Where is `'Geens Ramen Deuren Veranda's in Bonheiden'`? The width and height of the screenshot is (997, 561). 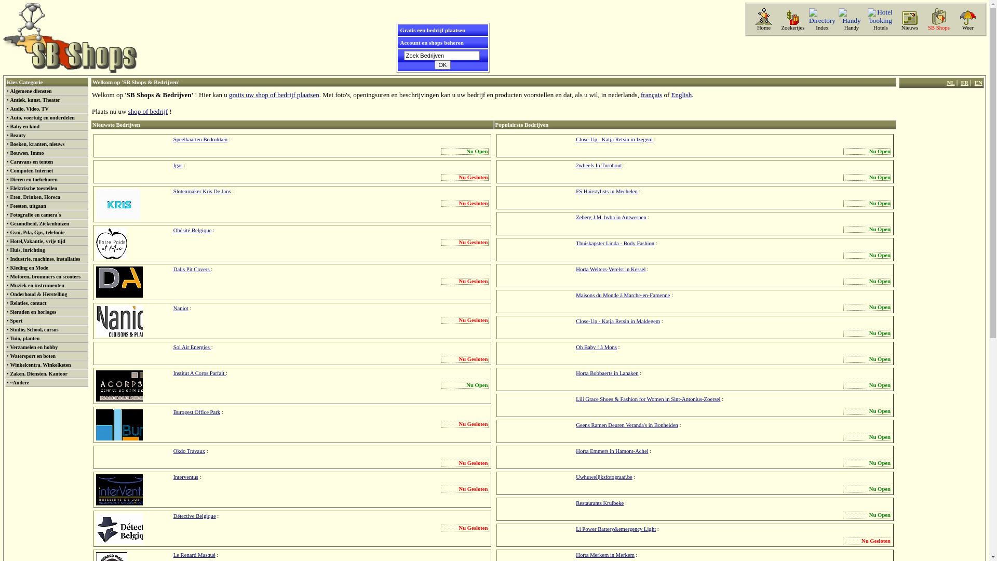 'Geens Ramen Deuren Veranda's in Bonheiden' is located at coordinates (626, 425).